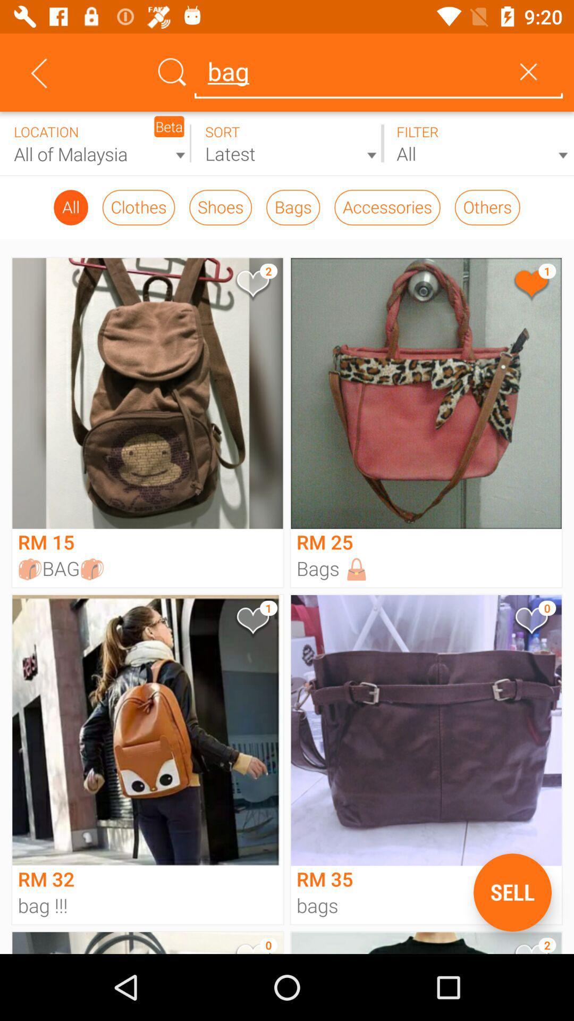 The height and width of the screenshot is (1021, 574). Describe the element at coordinates (477, 143) in the screenshot. I see `filter button` at that location.